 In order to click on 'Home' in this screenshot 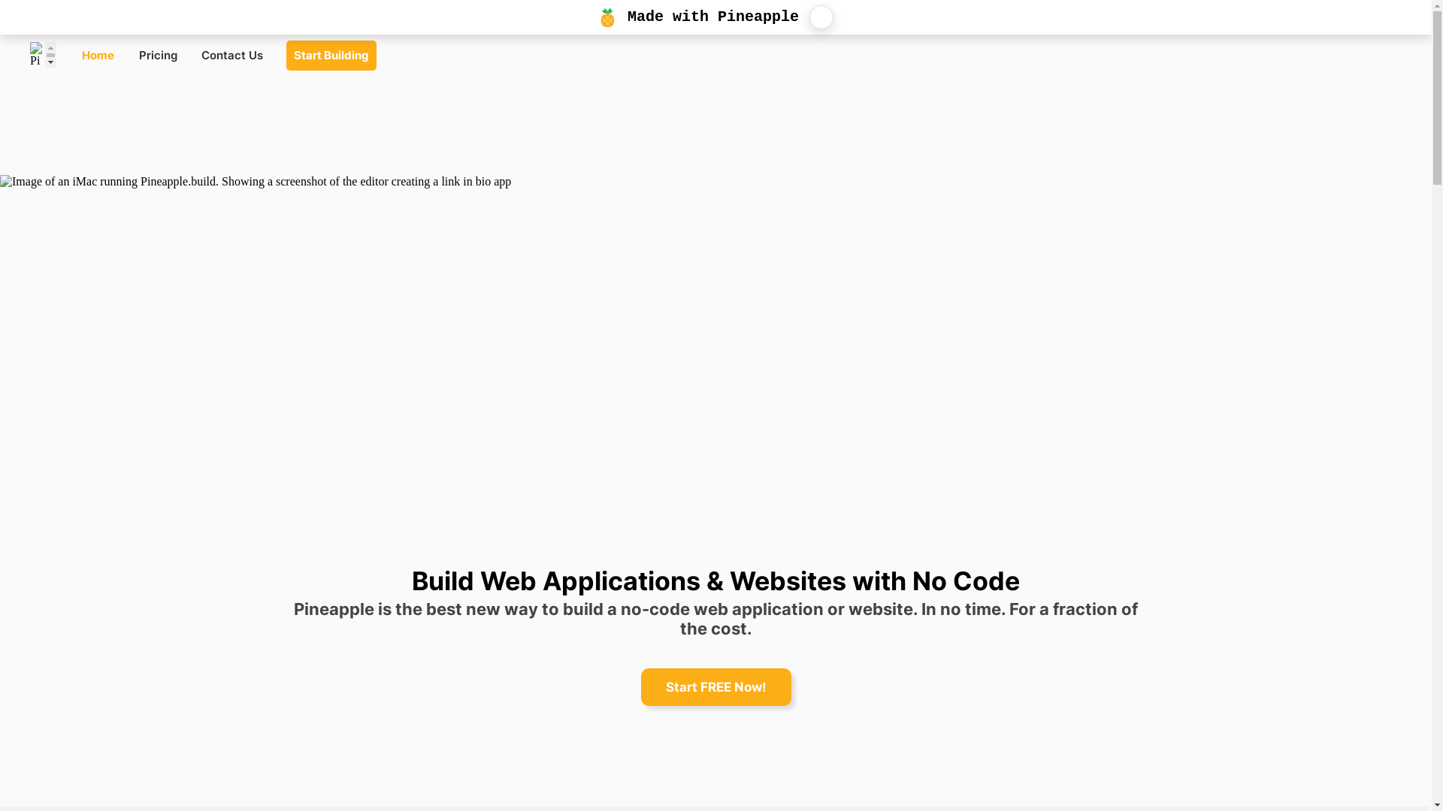, I will do `click(96, 54)`.